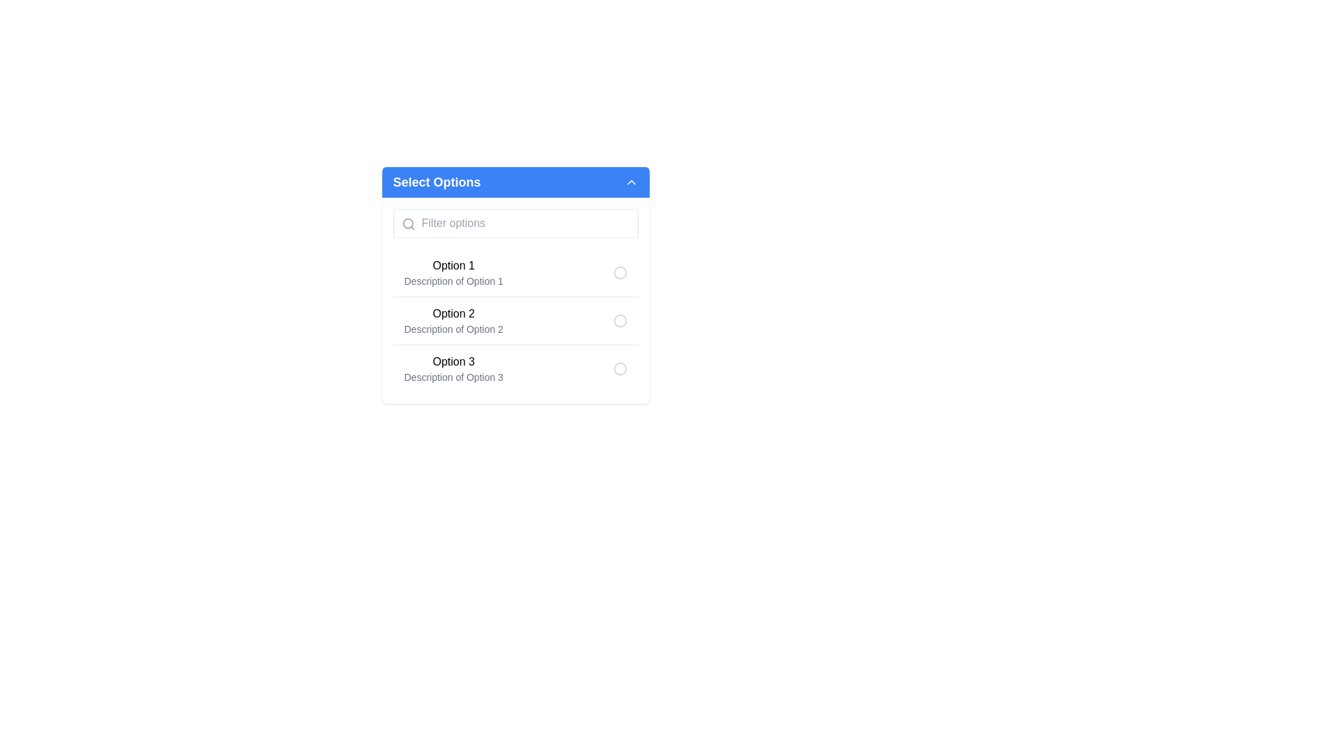 This screenshot has width=1337, height=752. What do you see at coordinates (619, 273) in the screenshot?
I see `the unselected radio button for 'Option 1'` at bounding box center [619, 273].